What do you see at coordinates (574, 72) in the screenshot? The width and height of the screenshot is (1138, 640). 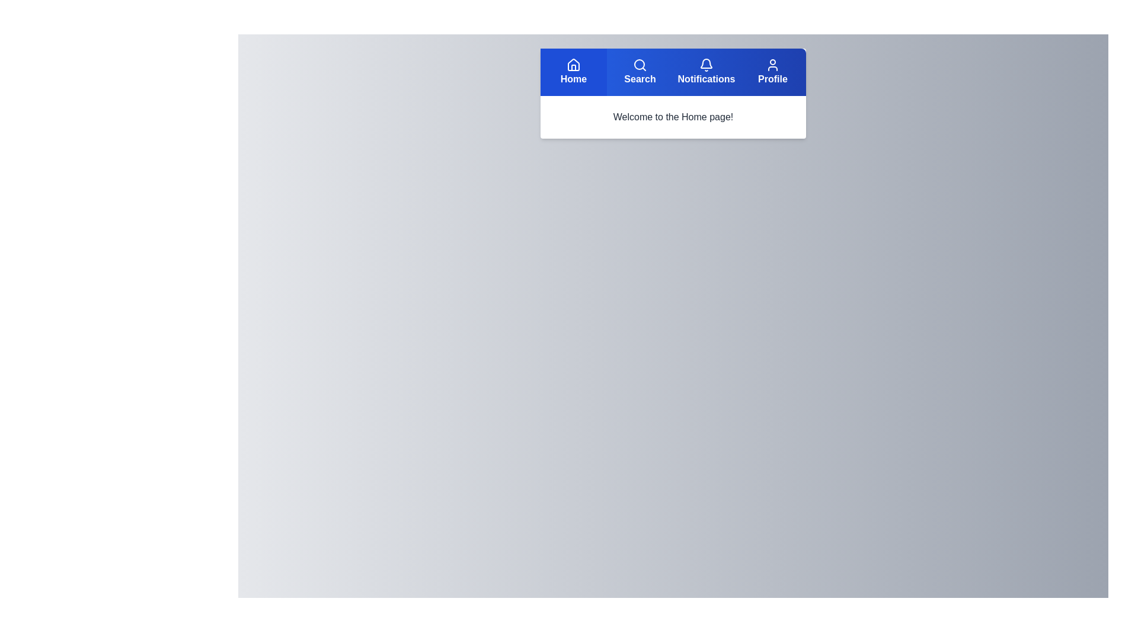 I see `the Home button in the navigation bar` at bounding box center [574, 72].